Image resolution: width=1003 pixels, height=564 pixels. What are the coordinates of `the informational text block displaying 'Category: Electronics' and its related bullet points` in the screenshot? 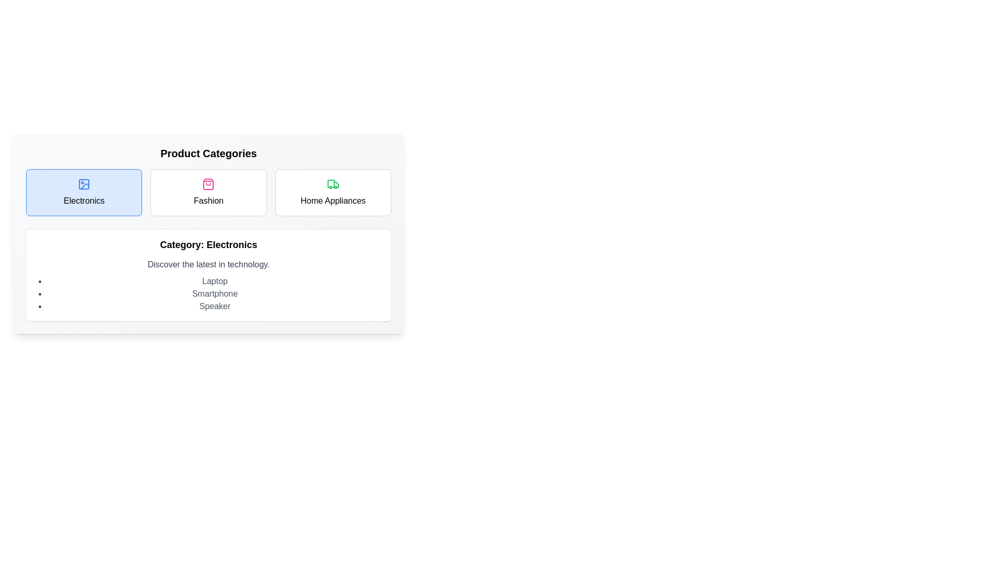 It's located at (208, 274).